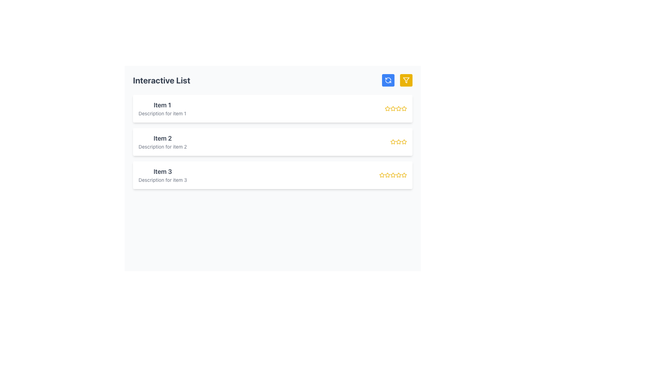 This screenshot has width=665, height=374. What do you see at coordinates (387, 108) in the screenshot?
I see `the first star button` at bounding box center [387, 108].